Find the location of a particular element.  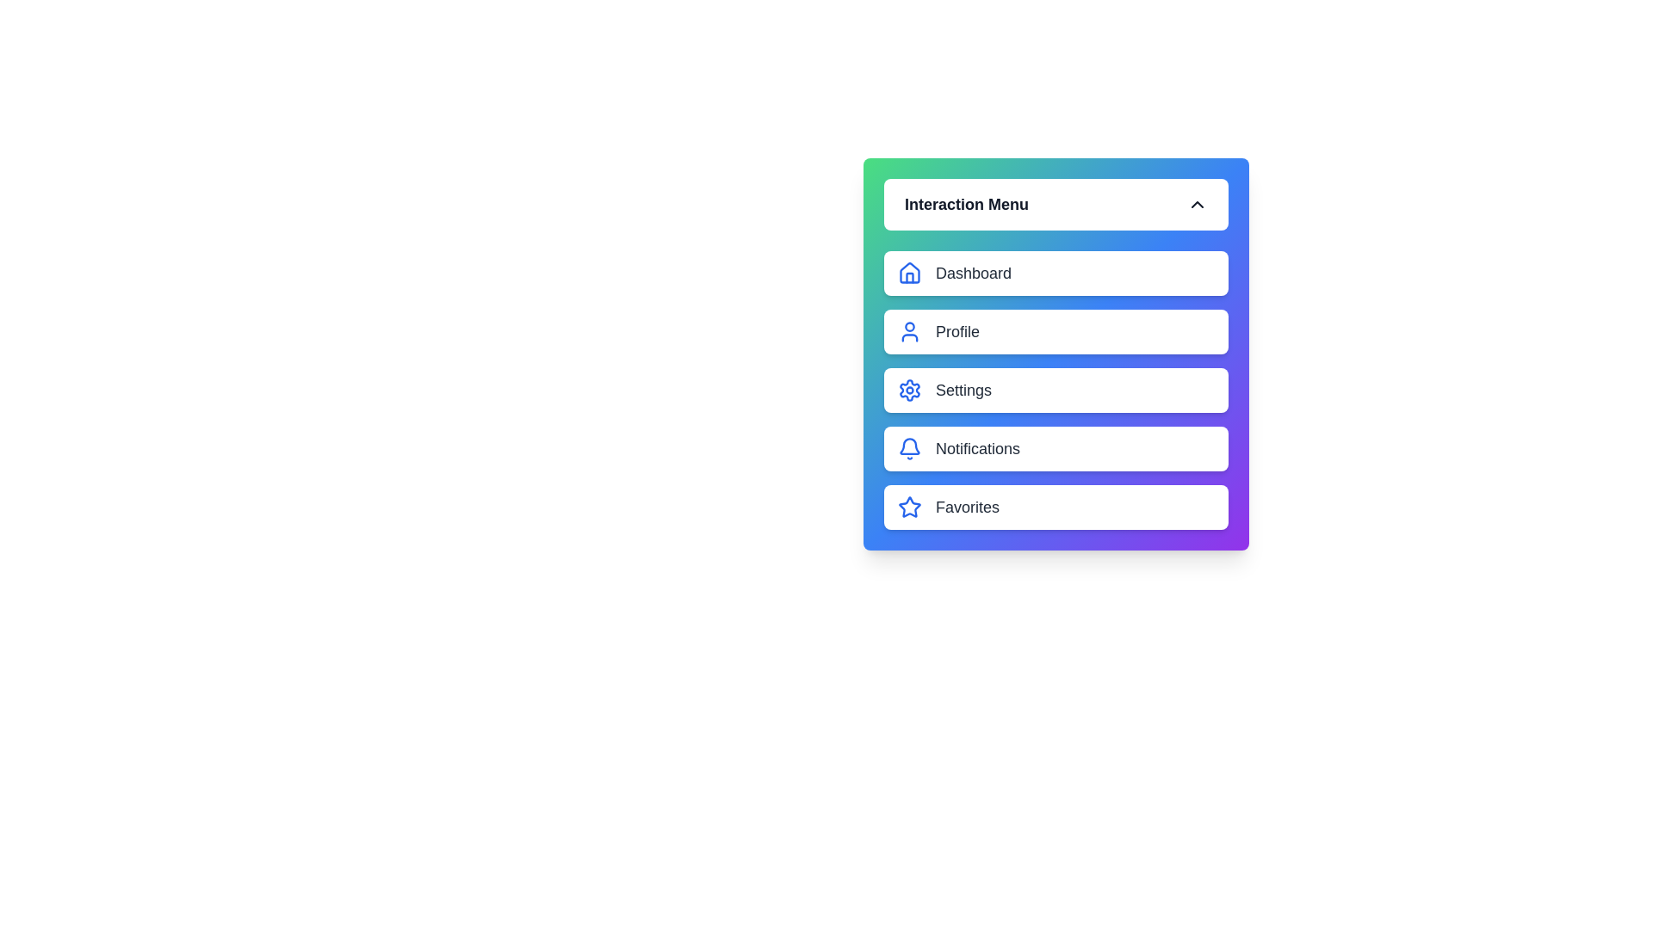

the menu item Notifications in the ModernProfileMenu is located at coordinates (1056, 447).